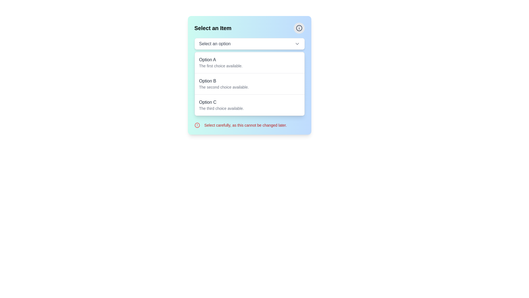  Describe the element at coordinates (249, 105) in the screenshot. I see `the list item labeled 'Option C' with the description 'The third choice available'` at that location.